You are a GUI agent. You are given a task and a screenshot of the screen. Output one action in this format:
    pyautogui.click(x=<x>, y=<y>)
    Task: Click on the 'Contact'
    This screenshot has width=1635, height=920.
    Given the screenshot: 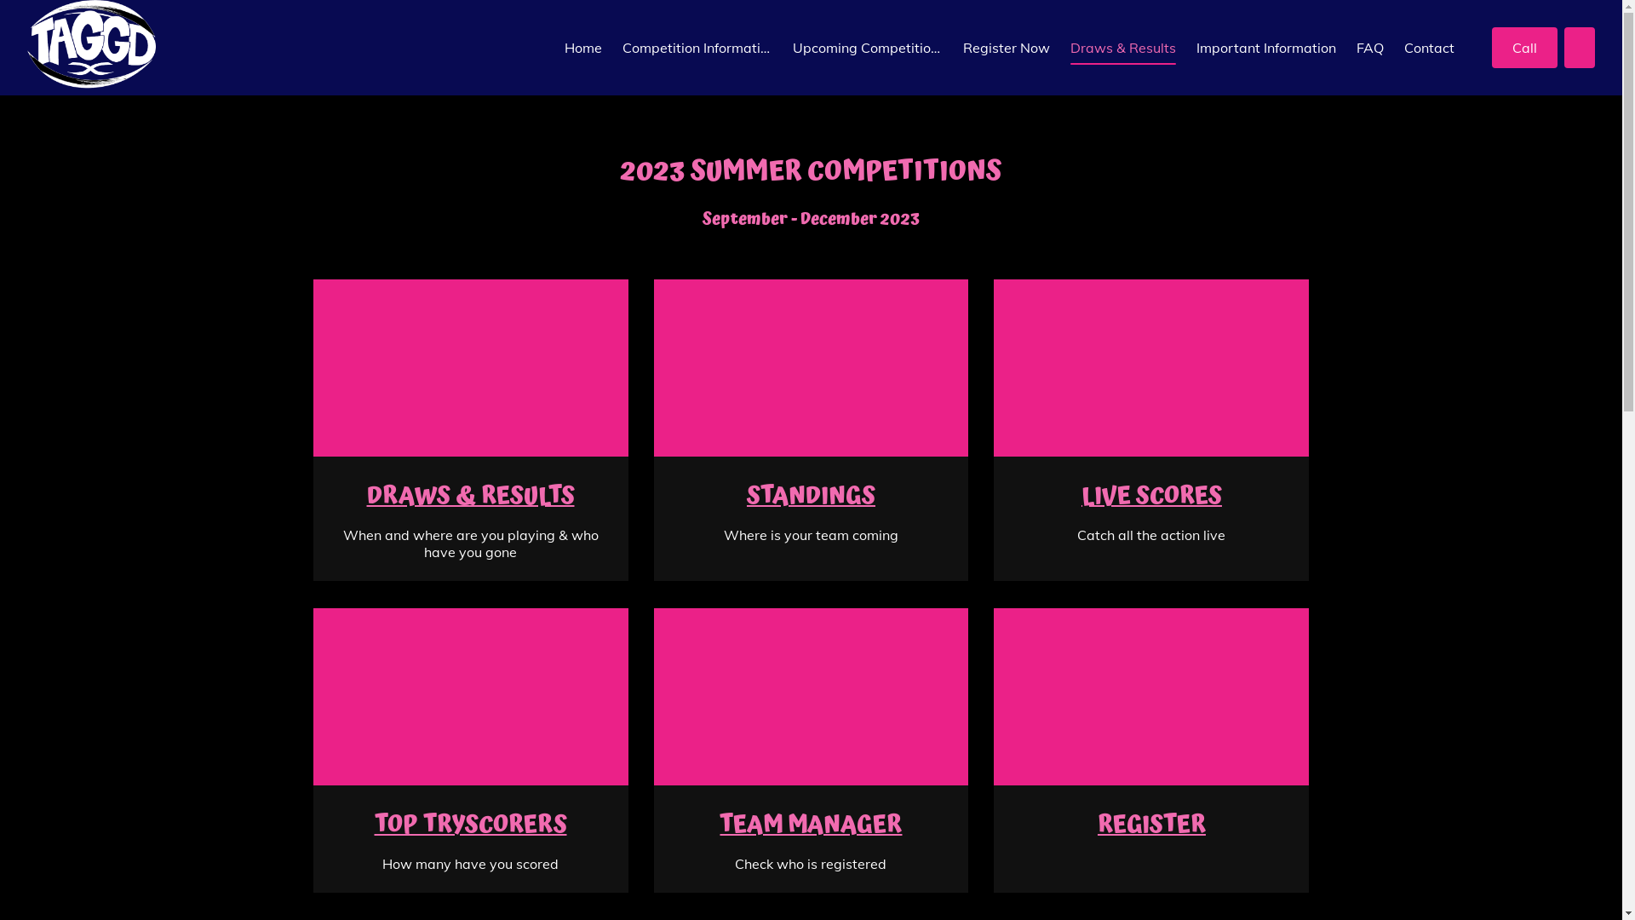 What is the action you would take?
    pyautogui.click(x=1429, y=47)
    